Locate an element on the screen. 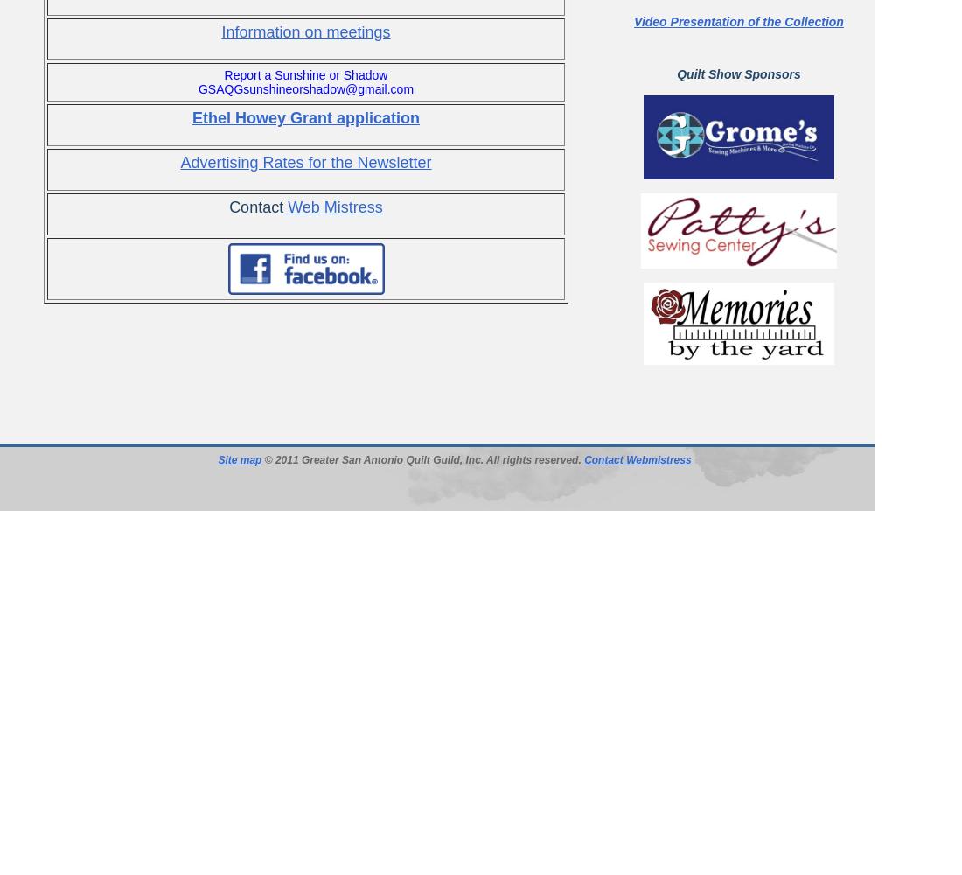 The width and height of the screenshot is (962, 875). 'Report a Sunshine or Shadow' is located at coordinates (223, 74).